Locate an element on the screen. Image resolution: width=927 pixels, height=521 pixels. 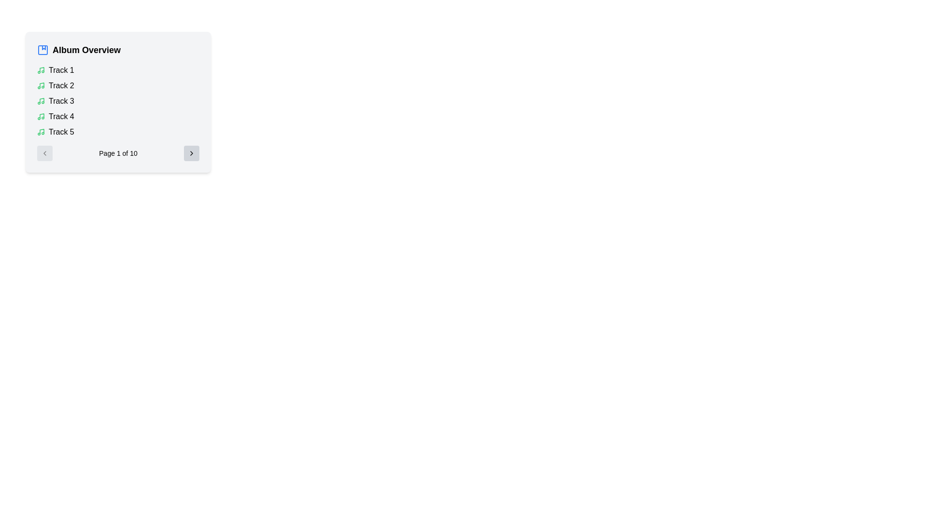
the text label displaying 'Page 1 of 10', which is centrally positioned and styled with a small font size, to interact with the pagination controls is located at coordinates (117, 152).